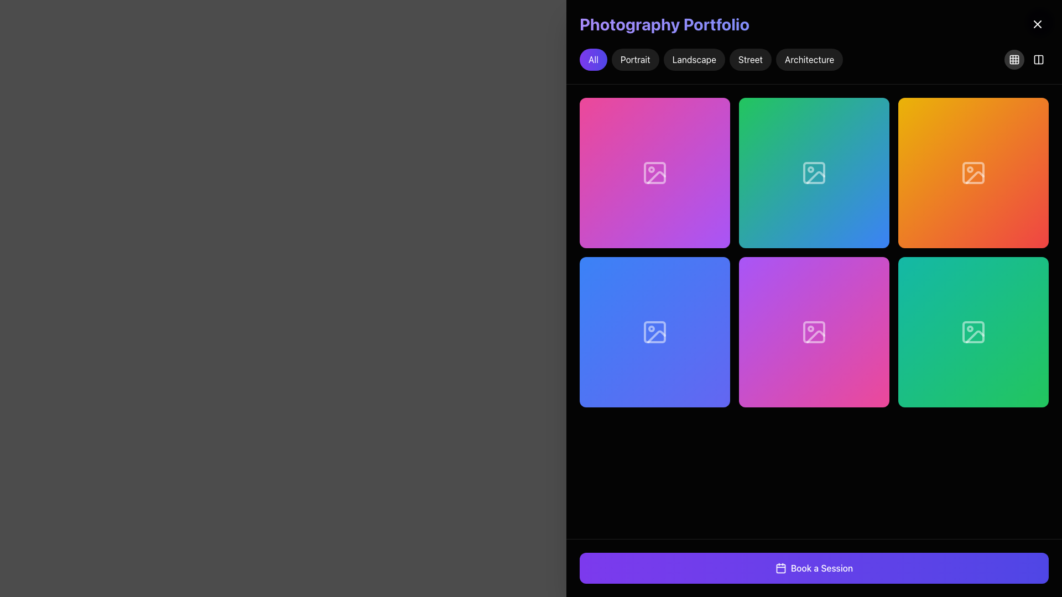  I want to click on the square tile with rounded corners and a gradient fill from blue to indigo, featuring a white framed picture icon at the center, so click(655, 332).